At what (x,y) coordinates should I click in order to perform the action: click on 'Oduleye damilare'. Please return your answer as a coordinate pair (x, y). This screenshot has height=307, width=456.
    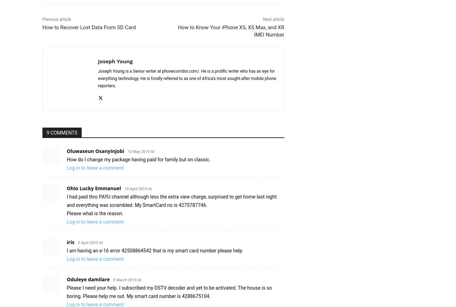
    Looking at the image, I should click on (66, 279).